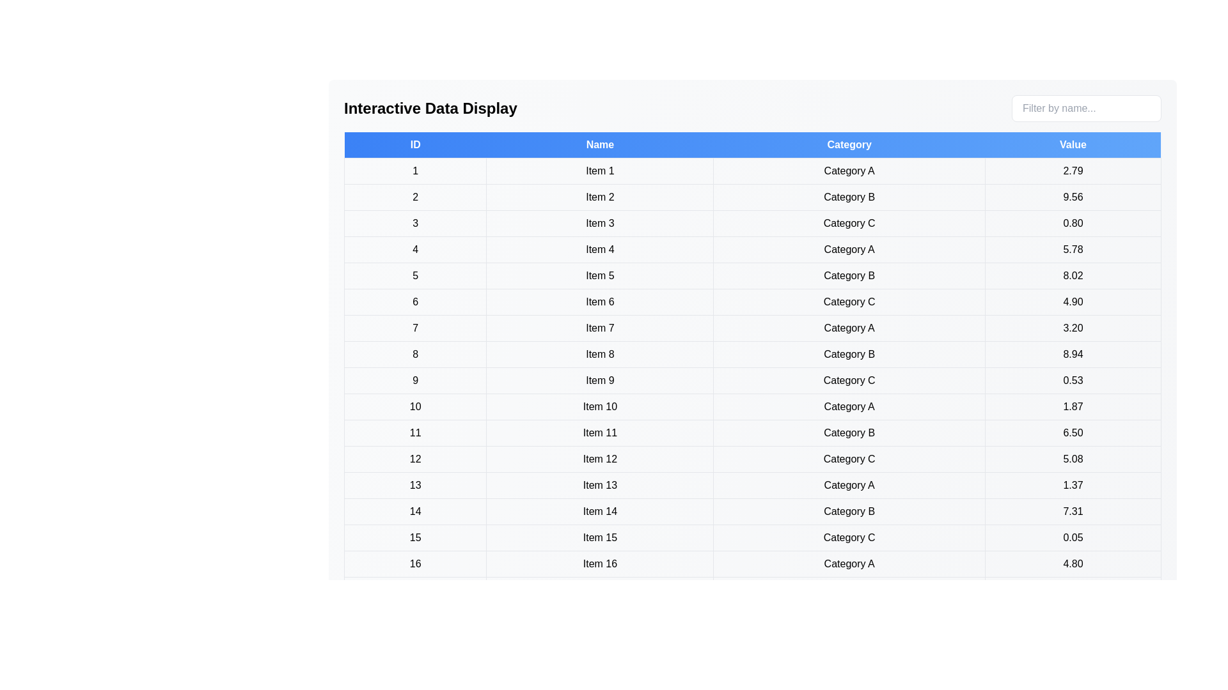  I want to click on the table header to sort the table by Name, so click(599, 144).